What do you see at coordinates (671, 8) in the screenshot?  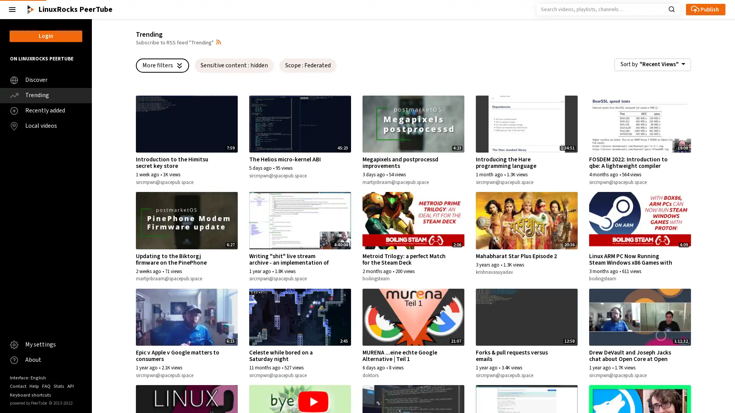 I see `Search` at bounding box center [671, 8].